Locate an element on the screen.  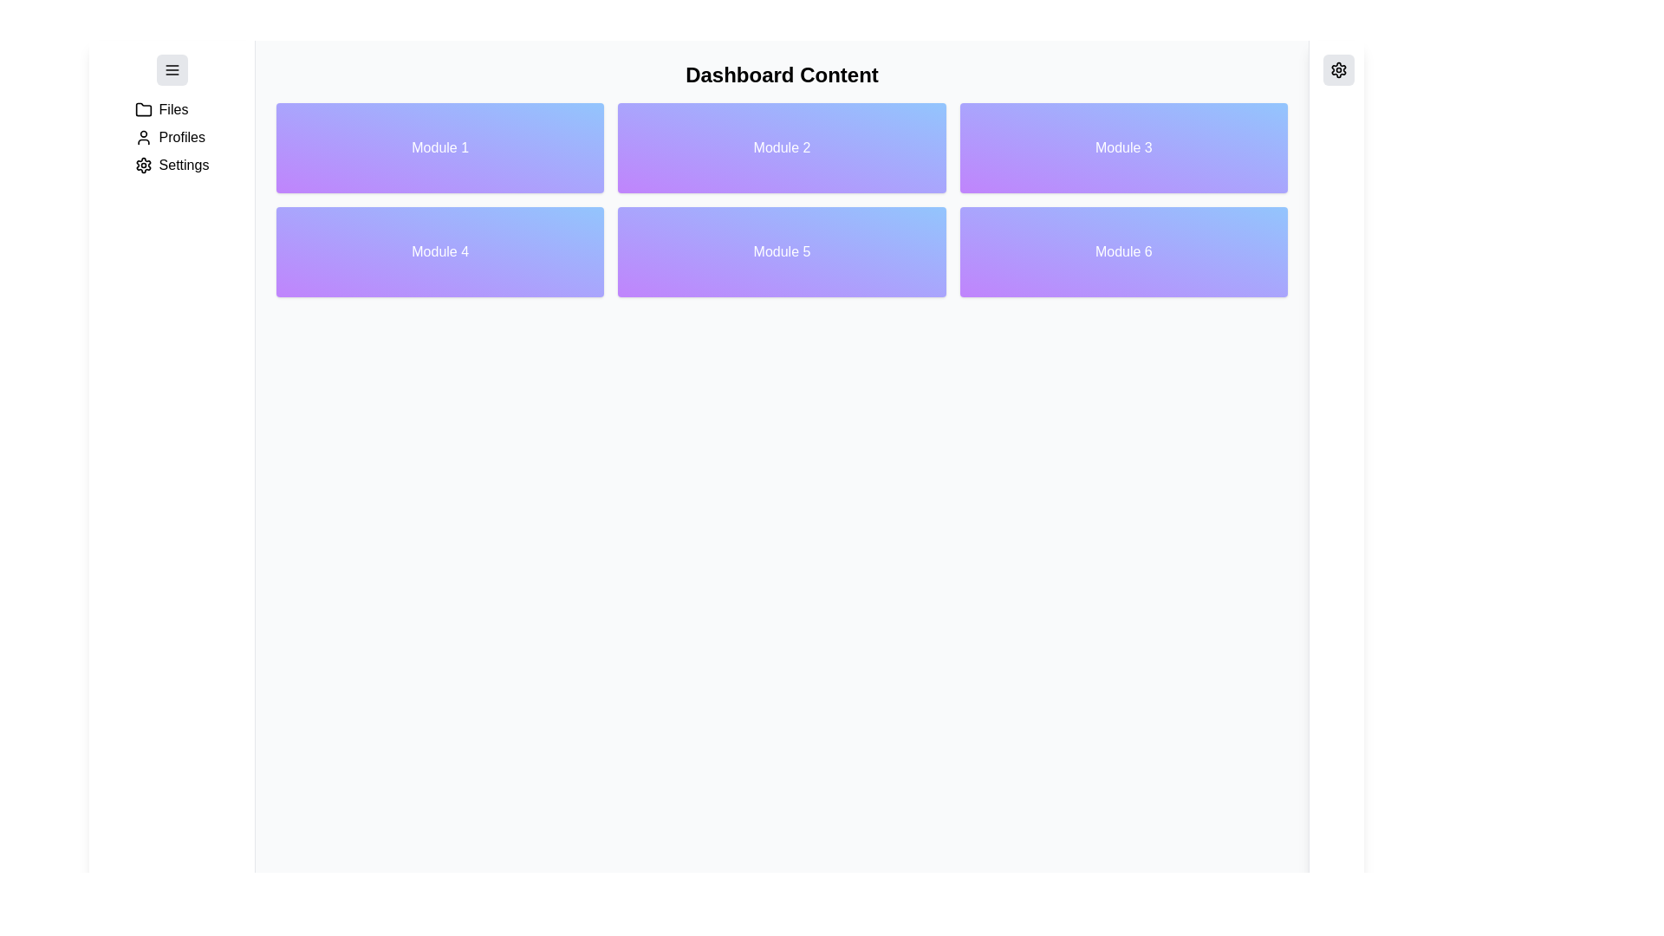
the outlined gear icon located in the top-right corner of the interface is located at coordinates (1338, 69).